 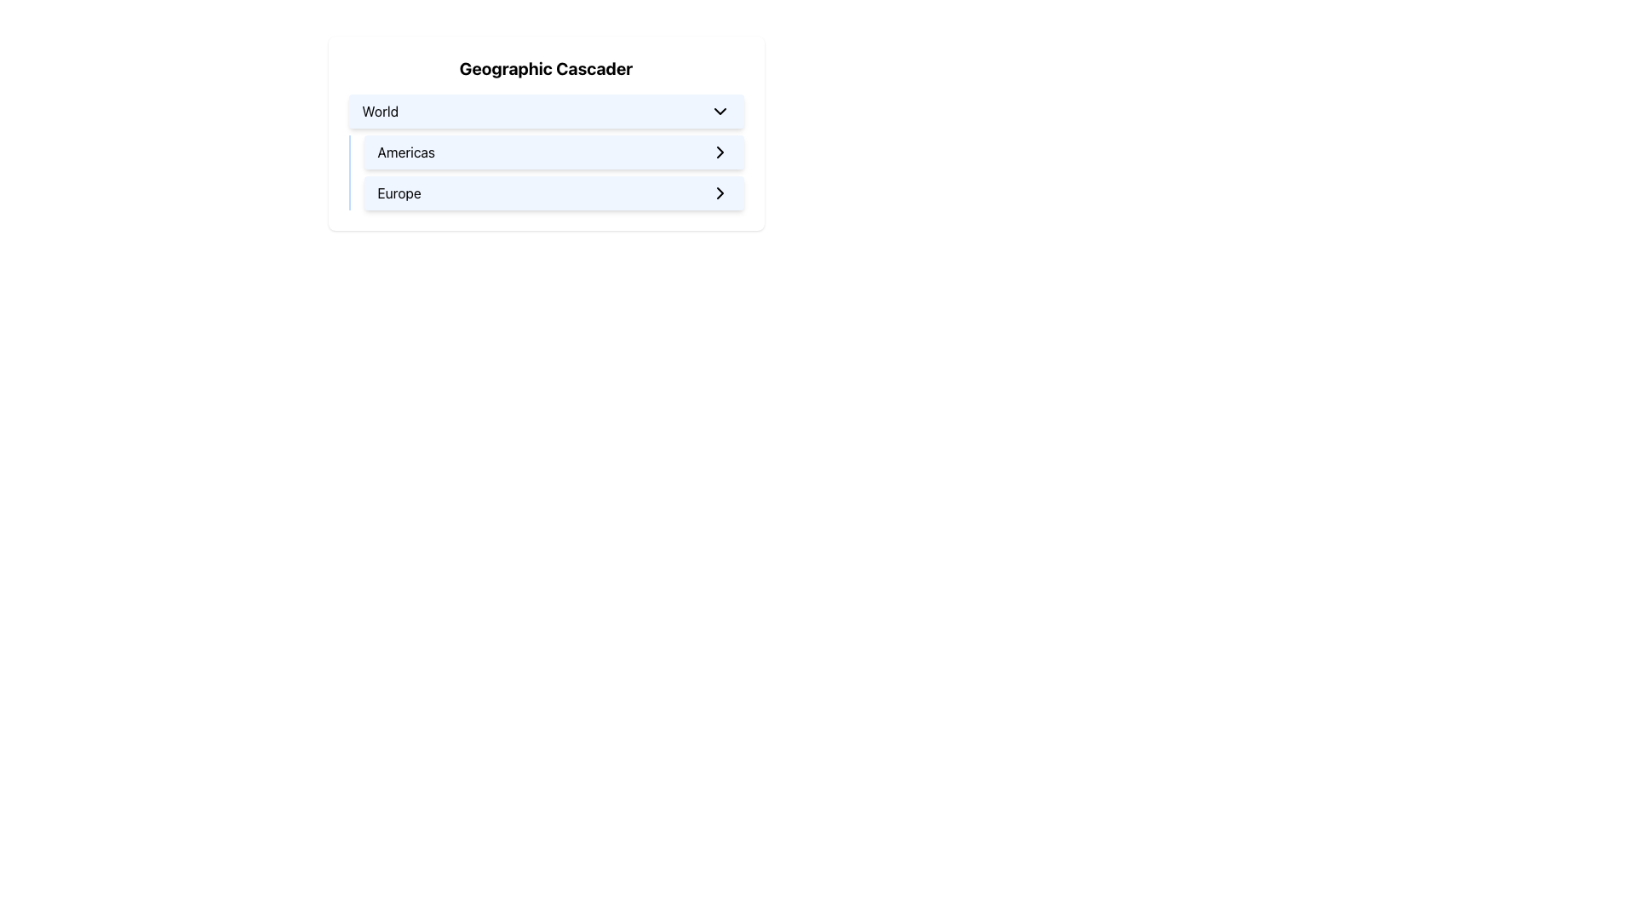 What do you see at coordinates (546, 151) in the screenshot?
I see `the interactive menu item labeled 'Americas'` at bounding box center [546, 151].